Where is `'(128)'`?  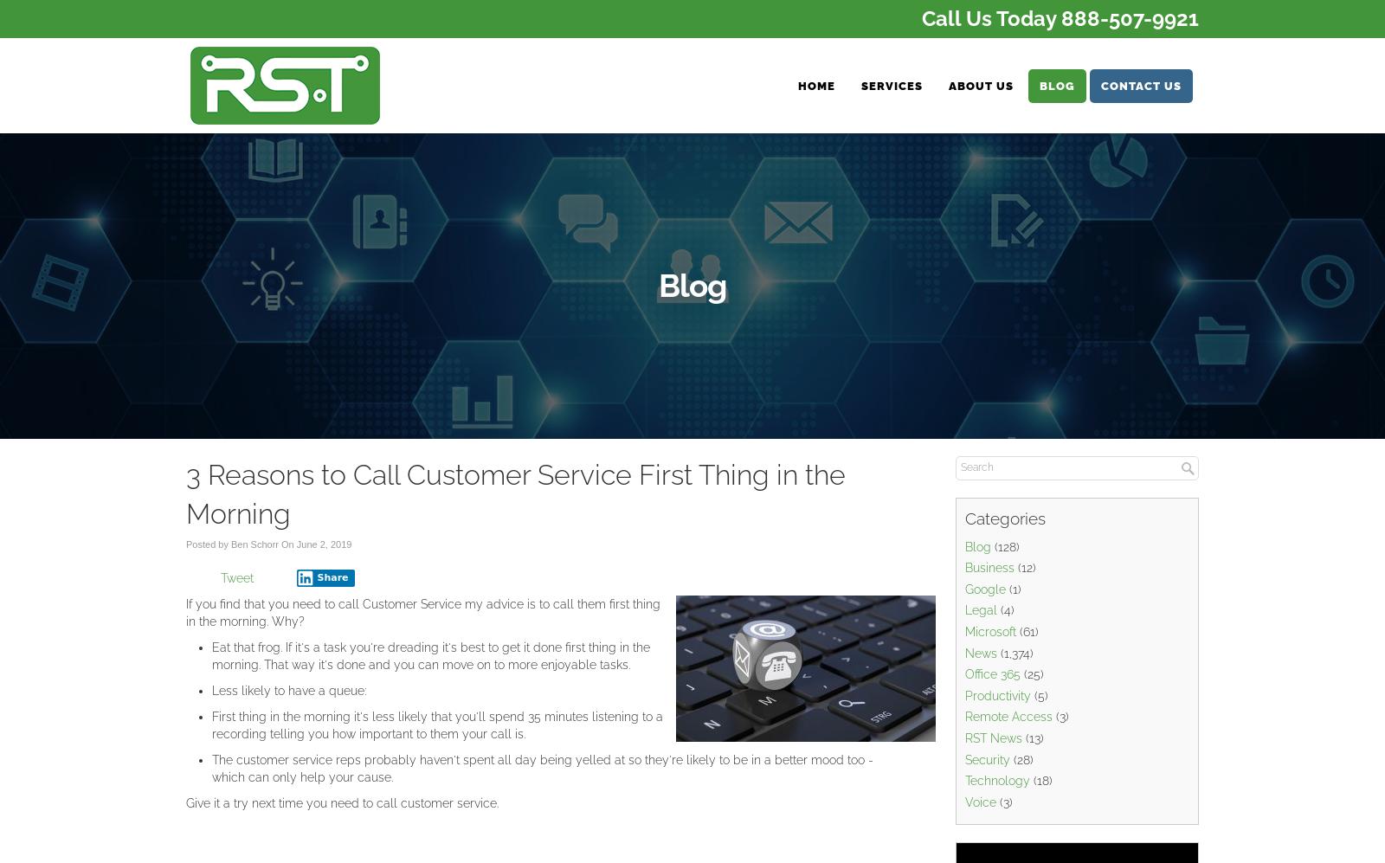 '(128)' is located at coordinates (1005, 545).